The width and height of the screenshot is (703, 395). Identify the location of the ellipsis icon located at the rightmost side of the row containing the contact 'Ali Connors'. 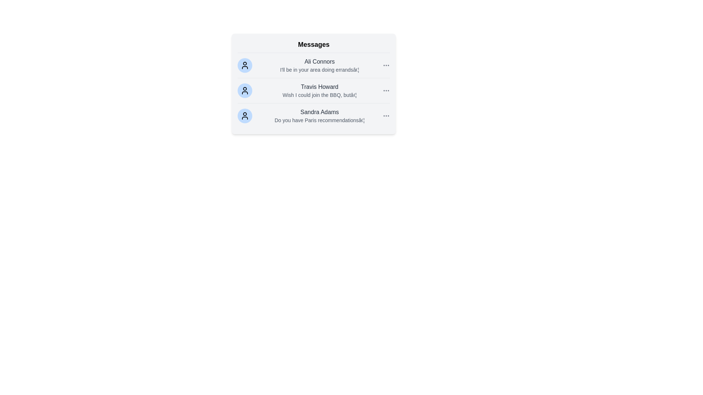
(386, 65).